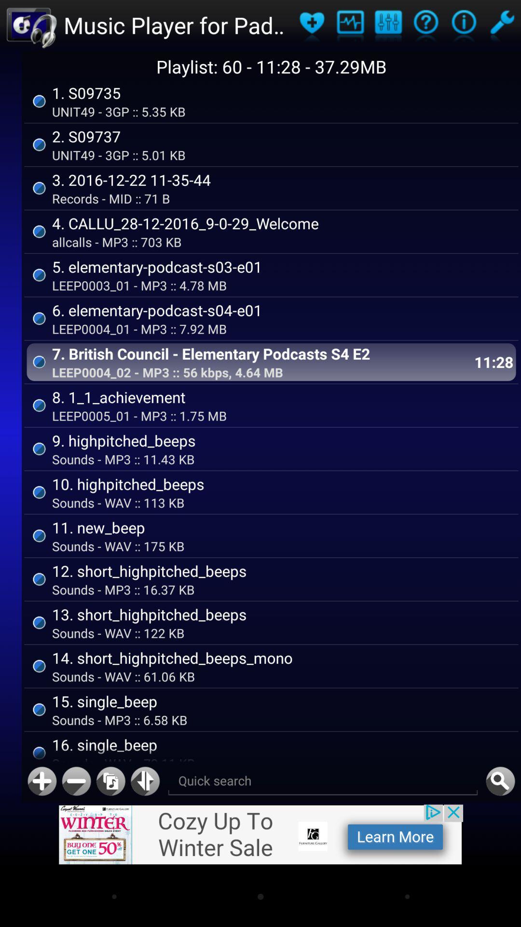  What do you see at coordinates (312, 25) in the screenshot?
I see `favorite` at bounding box center [312, 25].